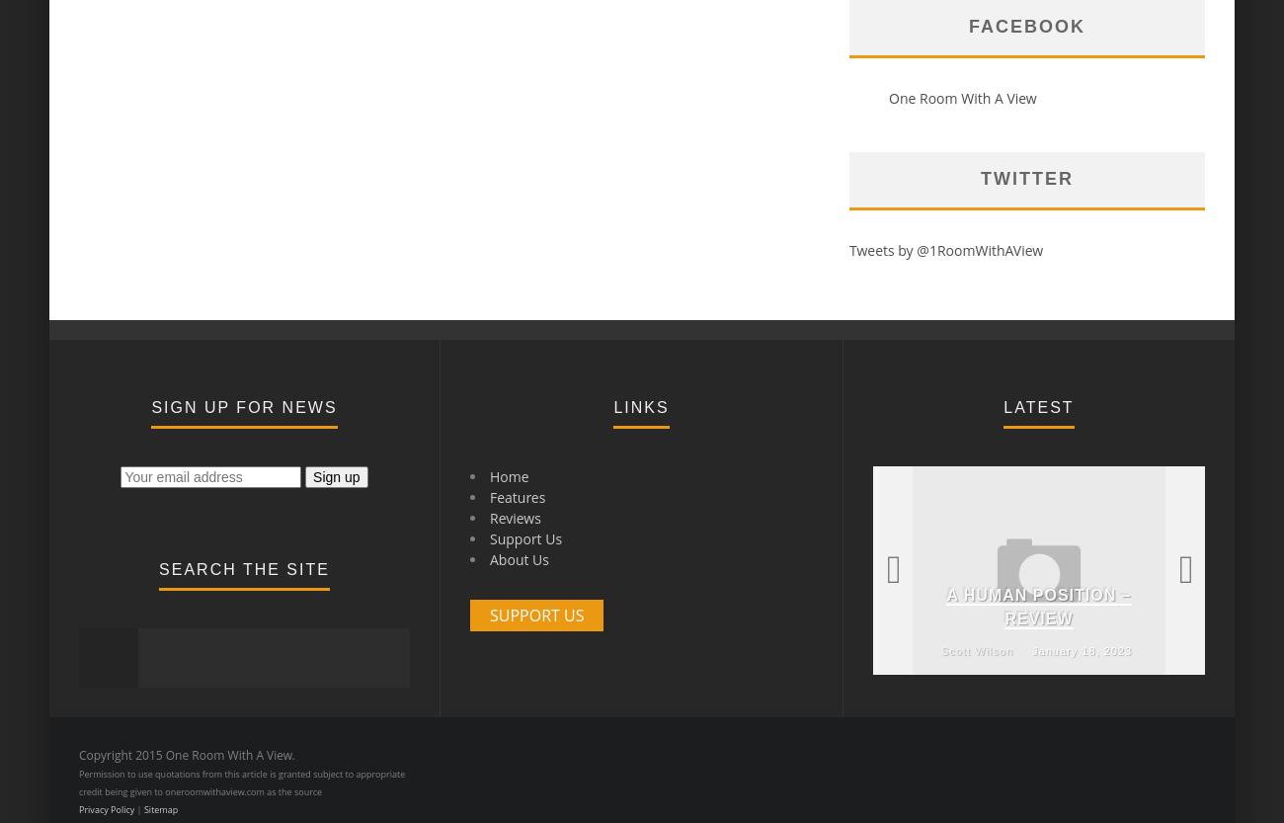 Image resolution: width=1284 pixels, height=823 pixels. What do you see at coordinates (515, 518) in the screenshot?
I see `'Reviews'` at bounding box center [515, 518].